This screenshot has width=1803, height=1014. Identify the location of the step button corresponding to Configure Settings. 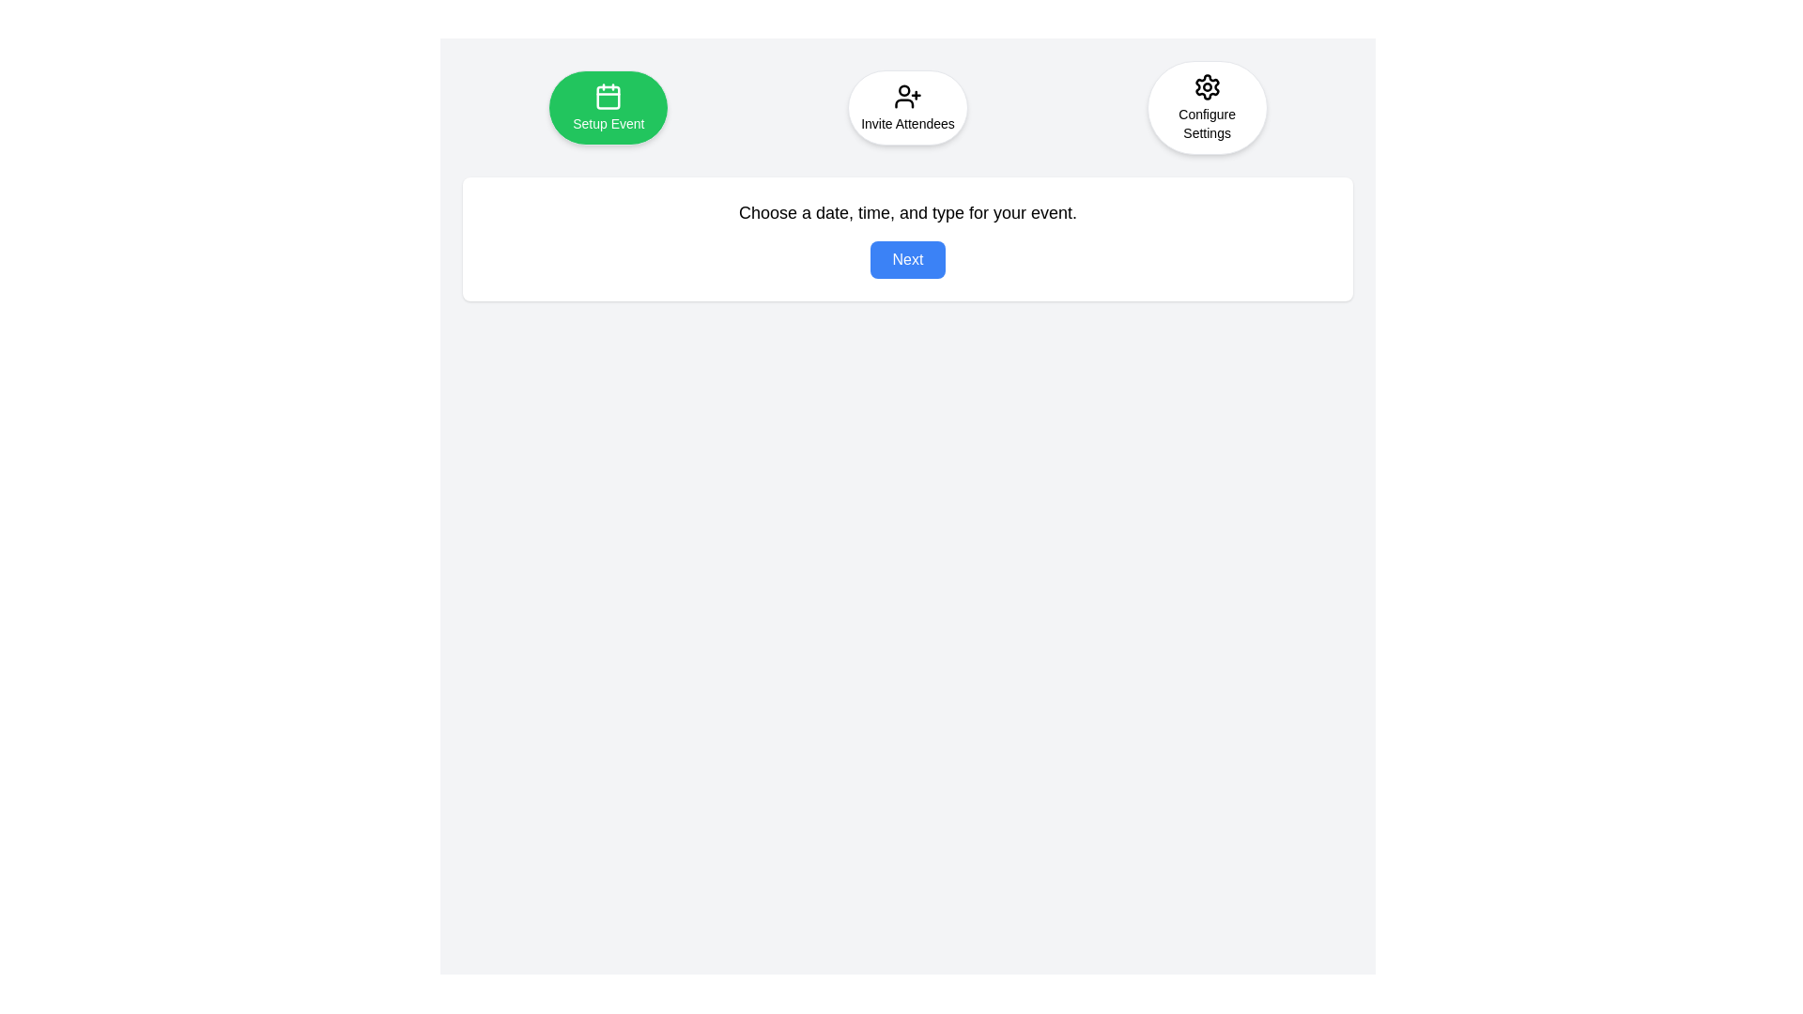
(1207, 108).